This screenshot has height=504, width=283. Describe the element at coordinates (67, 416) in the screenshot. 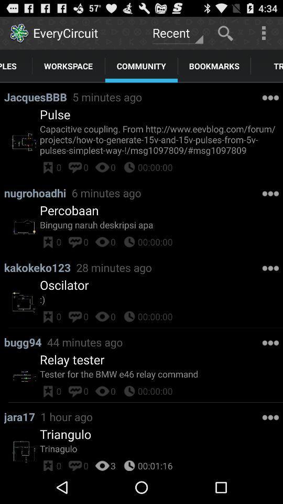

I see `the item next to the jara17` at that location.